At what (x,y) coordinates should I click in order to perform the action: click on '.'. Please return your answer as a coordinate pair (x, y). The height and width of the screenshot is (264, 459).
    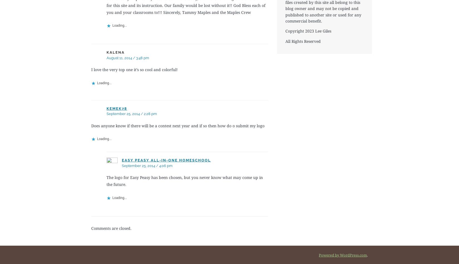
    Looking at the image, I should click on (367, 255).